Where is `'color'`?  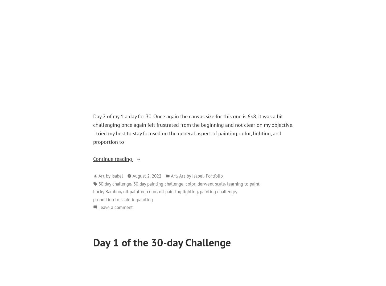 'color' is located at coordinates (190, 183).